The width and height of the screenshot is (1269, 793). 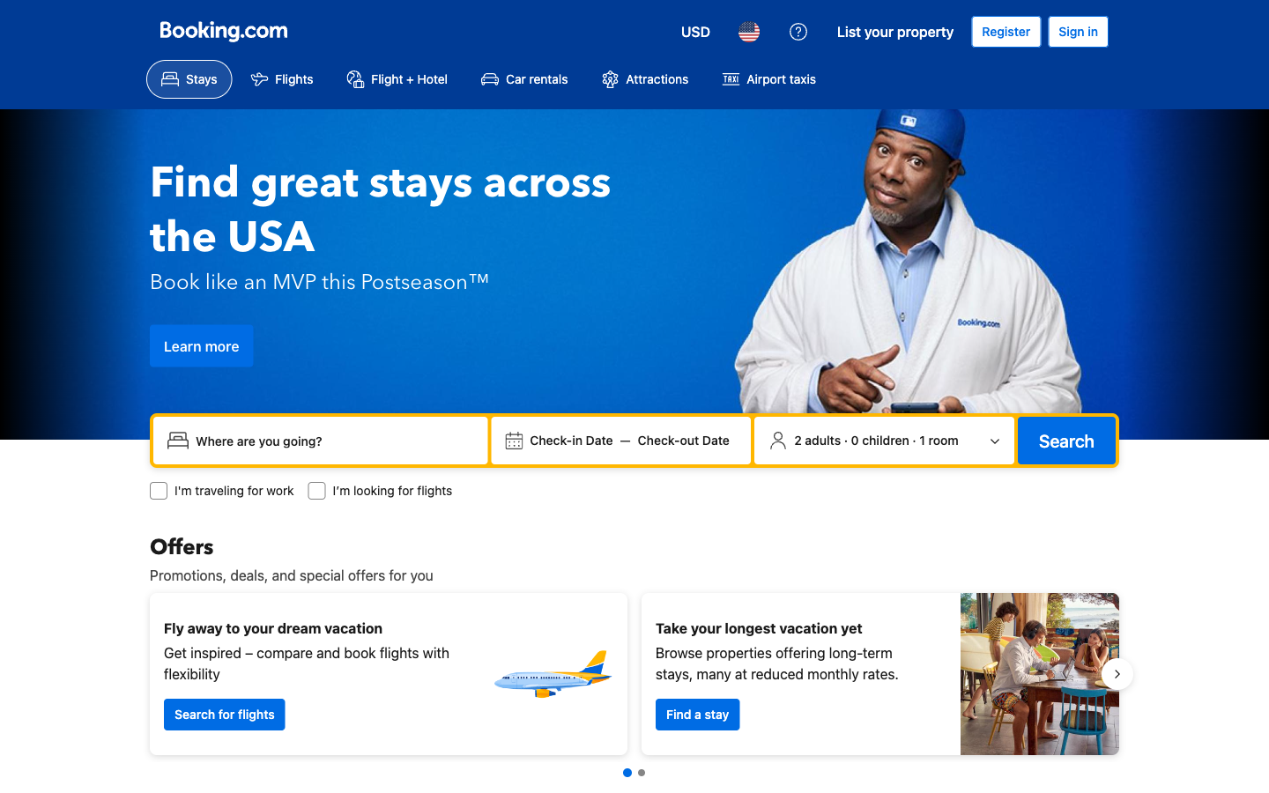 What do you see at coordinates (570, 440) in the screenshot?
I see `Determine the available check in dates by utilizing the check in Data button` at bounding box center [570, 440].